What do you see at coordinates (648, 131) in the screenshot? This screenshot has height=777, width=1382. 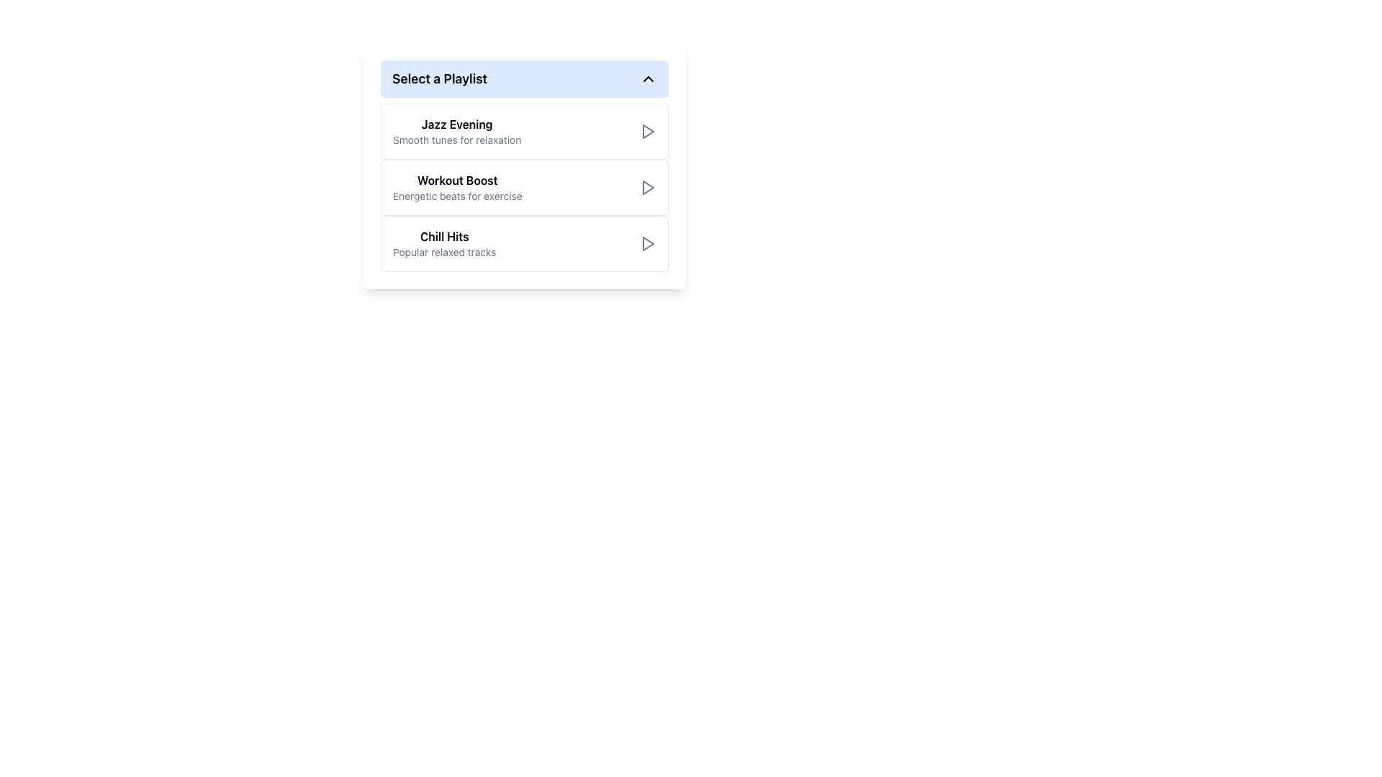 I see `the play button for the 'Jazz Evening' playlist item, located at the far right of the first item` at bounding box center [648, 131].